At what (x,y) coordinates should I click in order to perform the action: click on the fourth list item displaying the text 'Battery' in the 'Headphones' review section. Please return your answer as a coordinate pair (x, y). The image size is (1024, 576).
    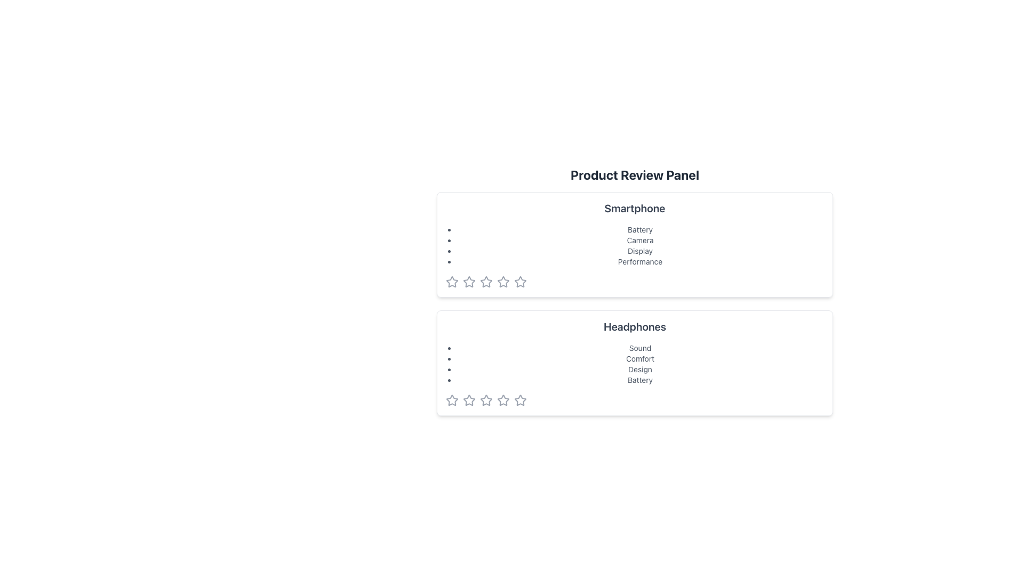
    Looking at the image, I should click on (640, 380).